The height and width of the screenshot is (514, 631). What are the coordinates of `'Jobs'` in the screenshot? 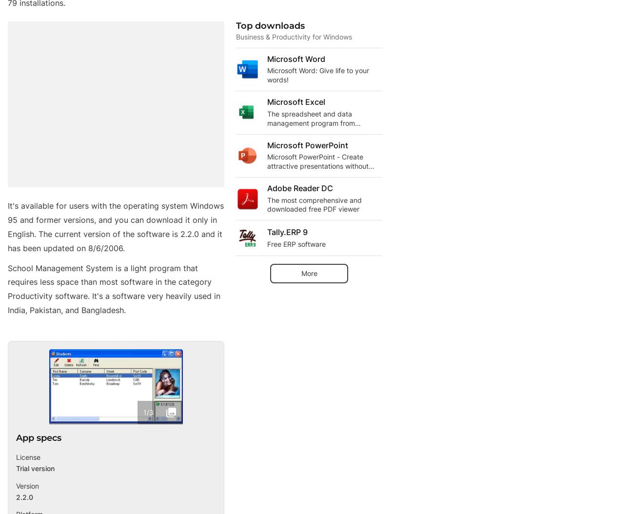 It's located at (11, 365).